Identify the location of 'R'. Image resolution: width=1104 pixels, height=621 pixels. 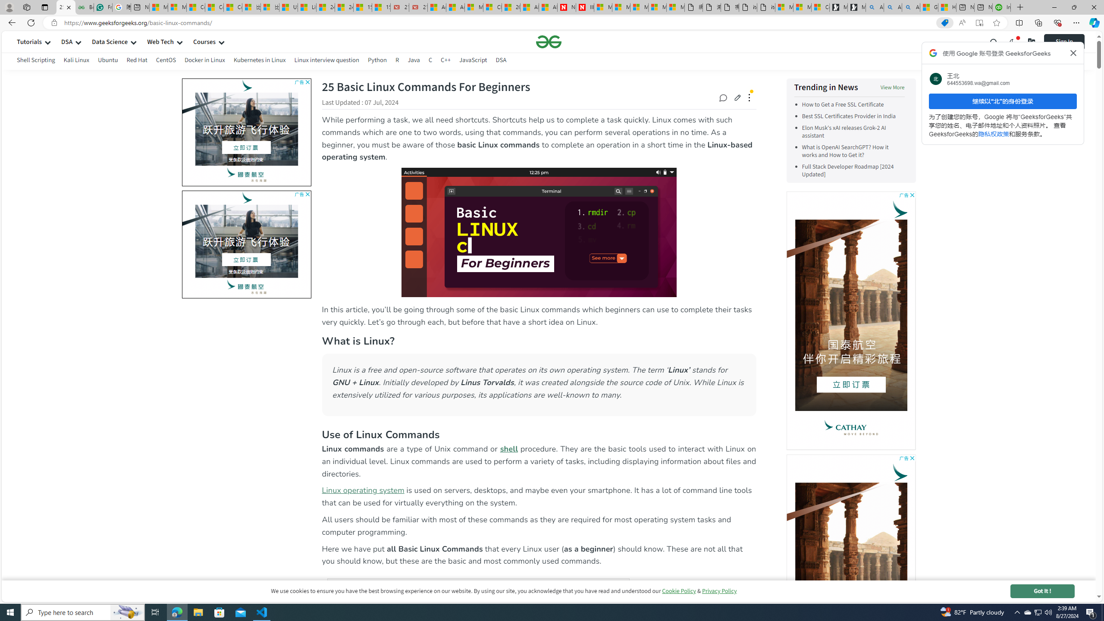
(397, 60).